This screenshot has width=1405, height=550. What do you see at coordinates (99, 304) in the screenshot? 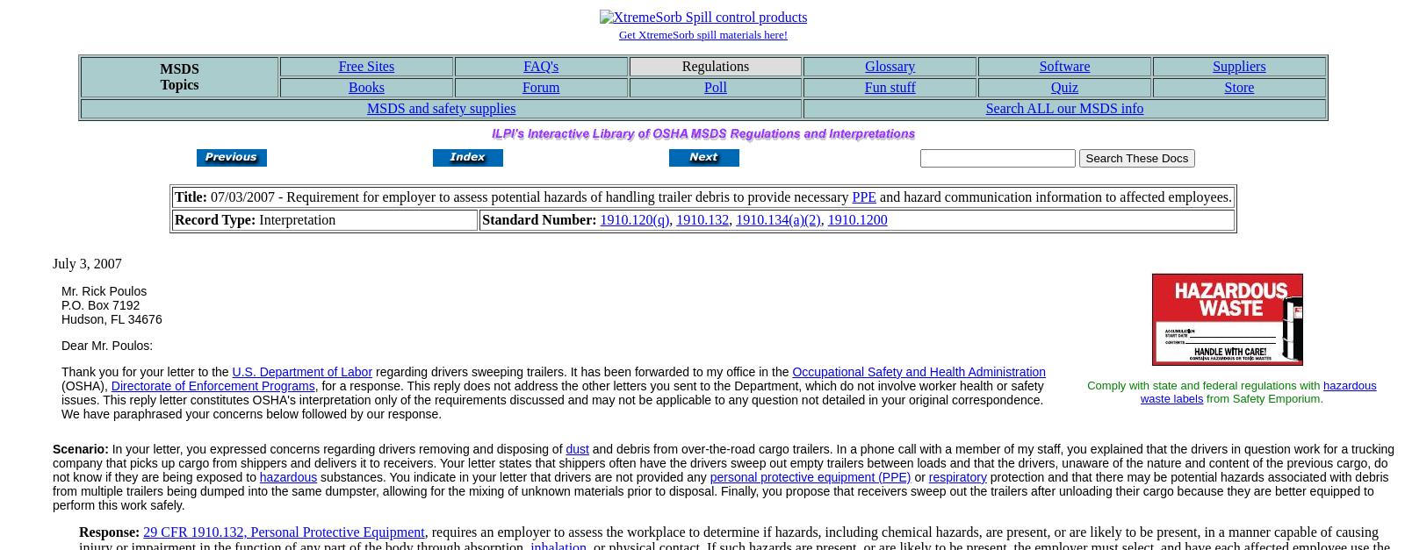
I see `'P.O. Box 7192'` at bounding box center [99, 304].